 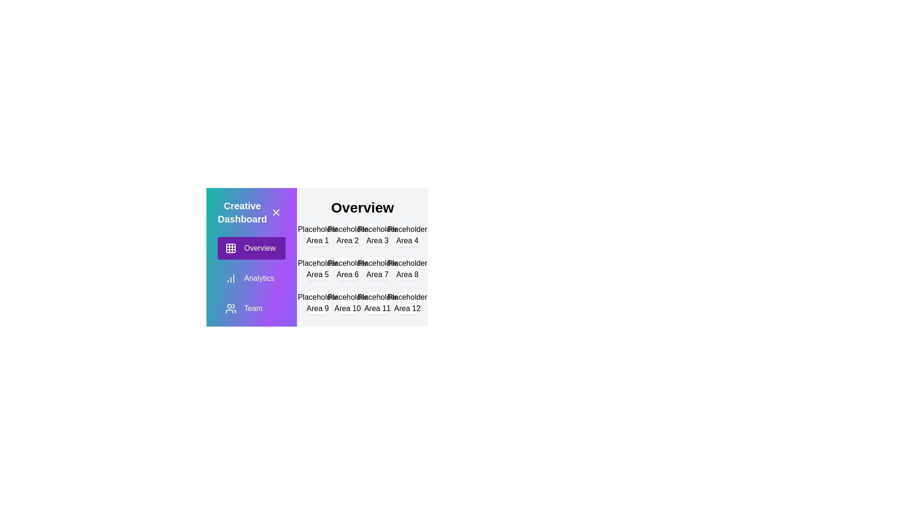 I want to click on the menu item Team to observe the visual feedback, so click(x=251, y=309).